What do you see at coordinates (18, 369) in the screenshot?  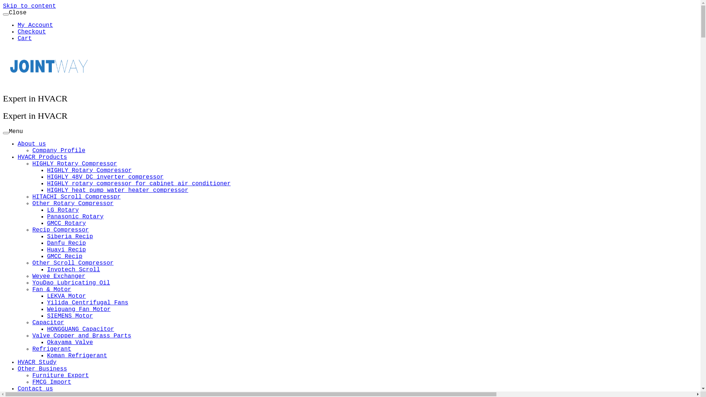 I see `'Other Business'` at bounding box center [18, 369].